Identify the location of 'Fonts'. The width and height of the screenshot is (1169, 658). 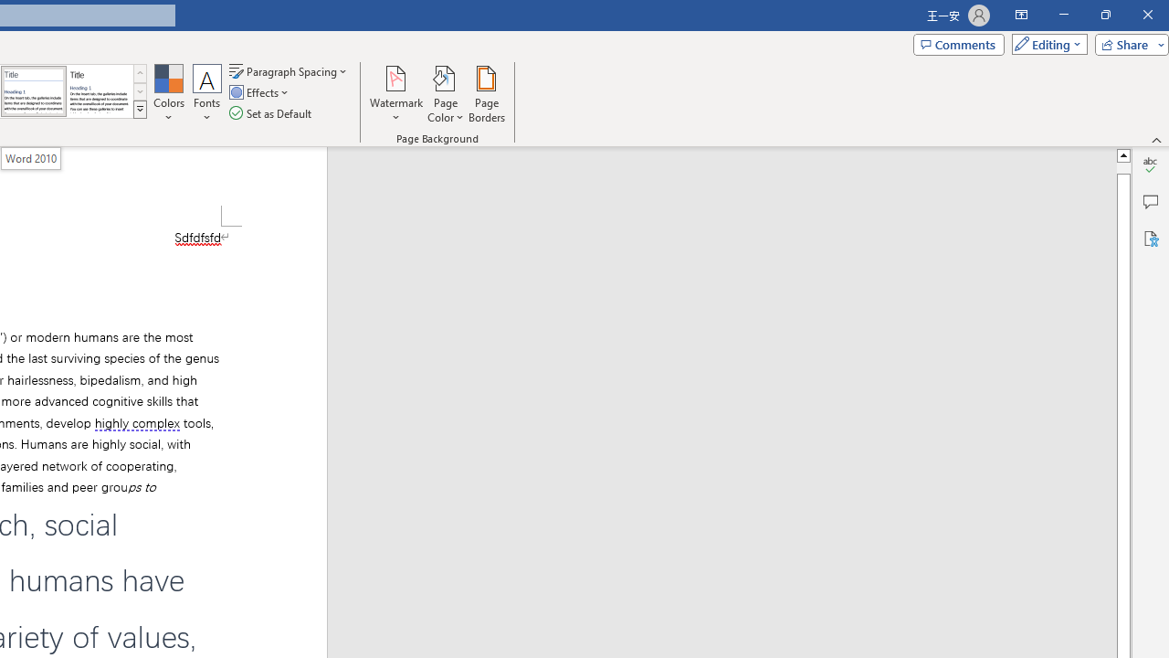
(207, 94).